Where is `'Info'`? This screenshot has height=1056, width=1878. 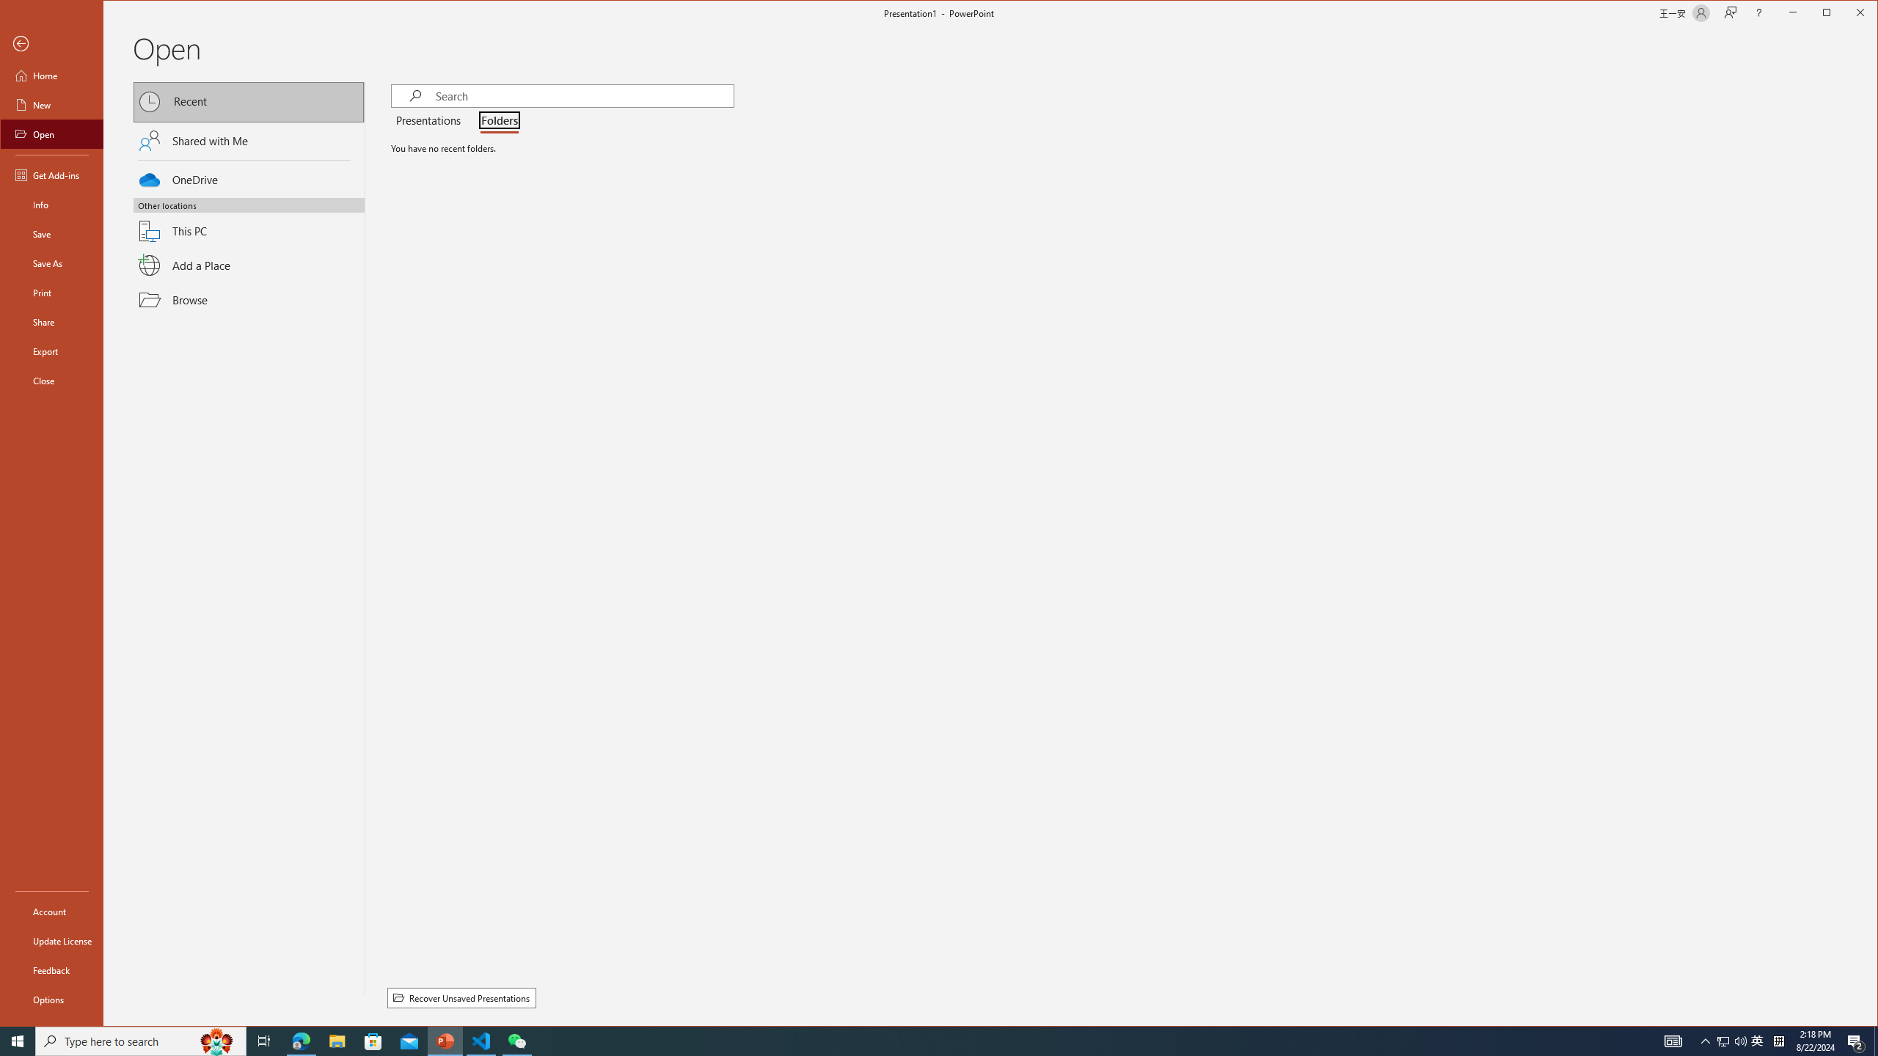 'Info' is located at coordinates (51, 205).